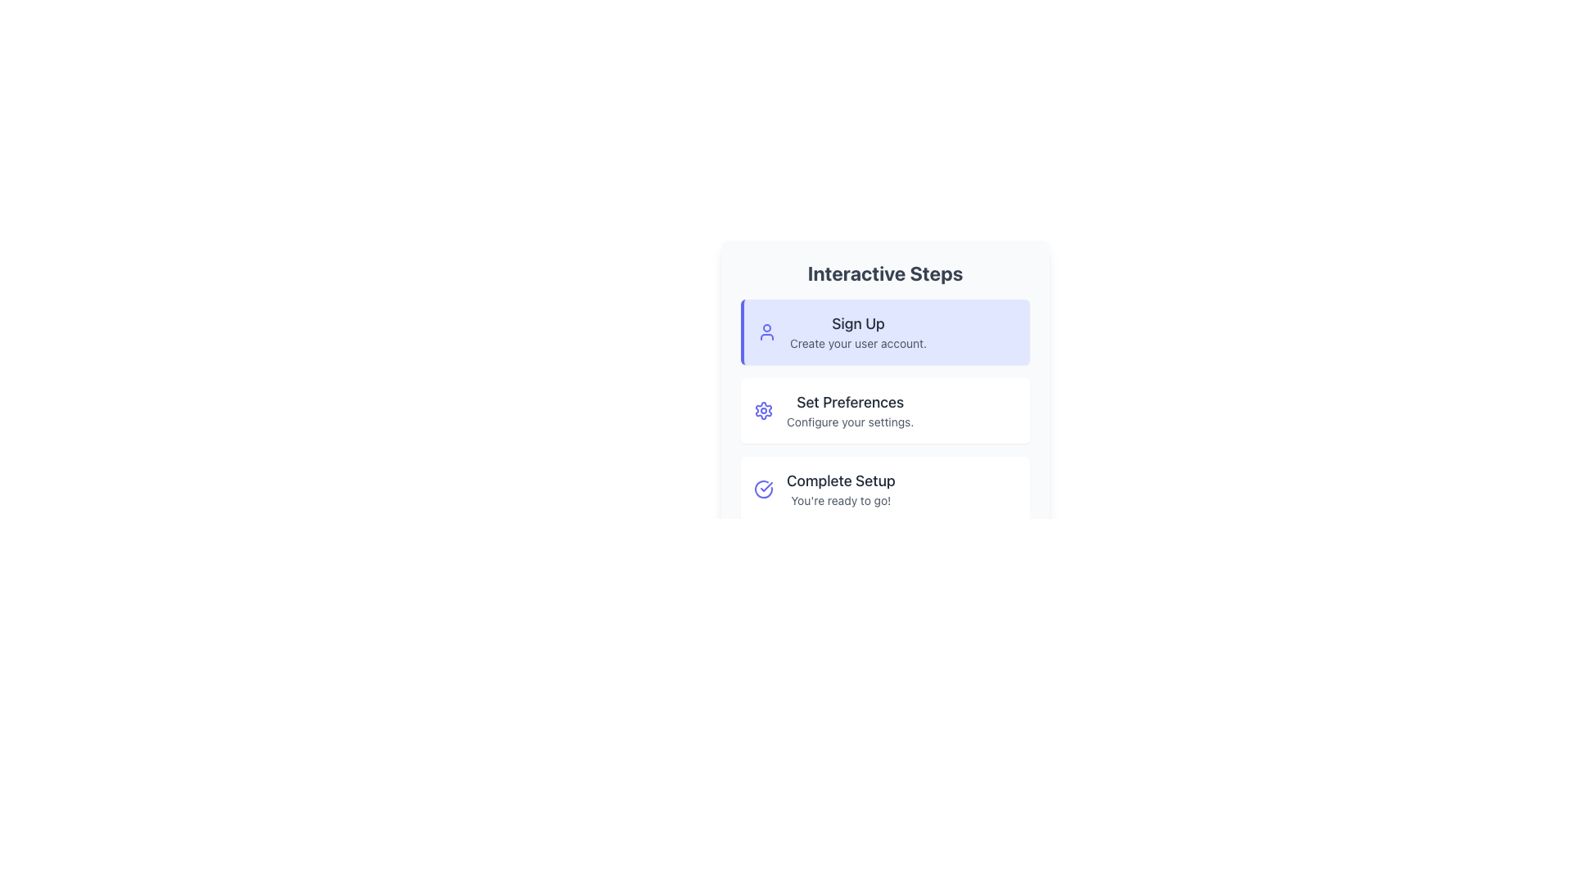 Image resolution: width=1572 pixels, height=884 pixels. I want to click on the indigo circular icon with a tick mark, located to the left of the text 'Complete Setup' in the third item of the 'Interactive Steps' list, so click(762, 488).